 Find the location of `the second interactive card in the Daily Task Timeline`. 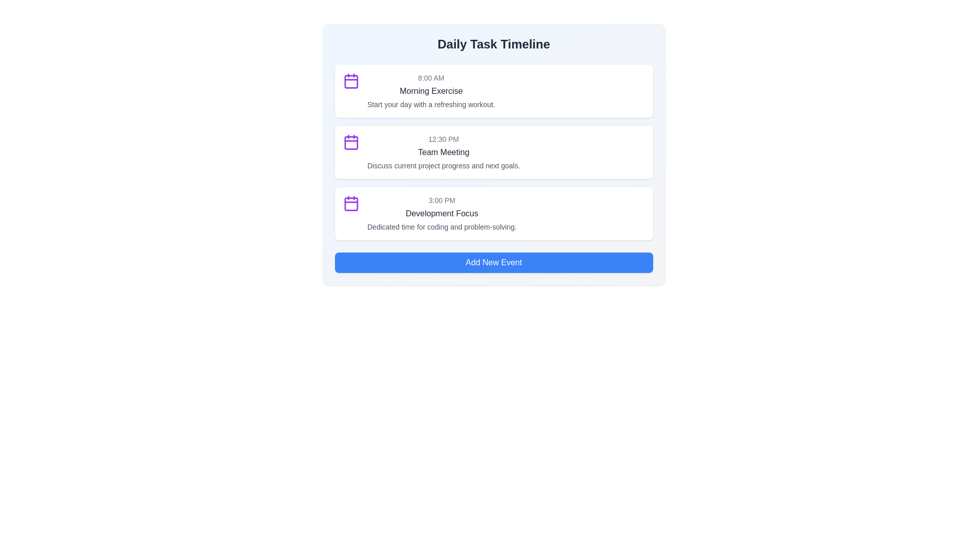

the second interactive card in the Daily Task Timeline is located at coordinates (494, 155).